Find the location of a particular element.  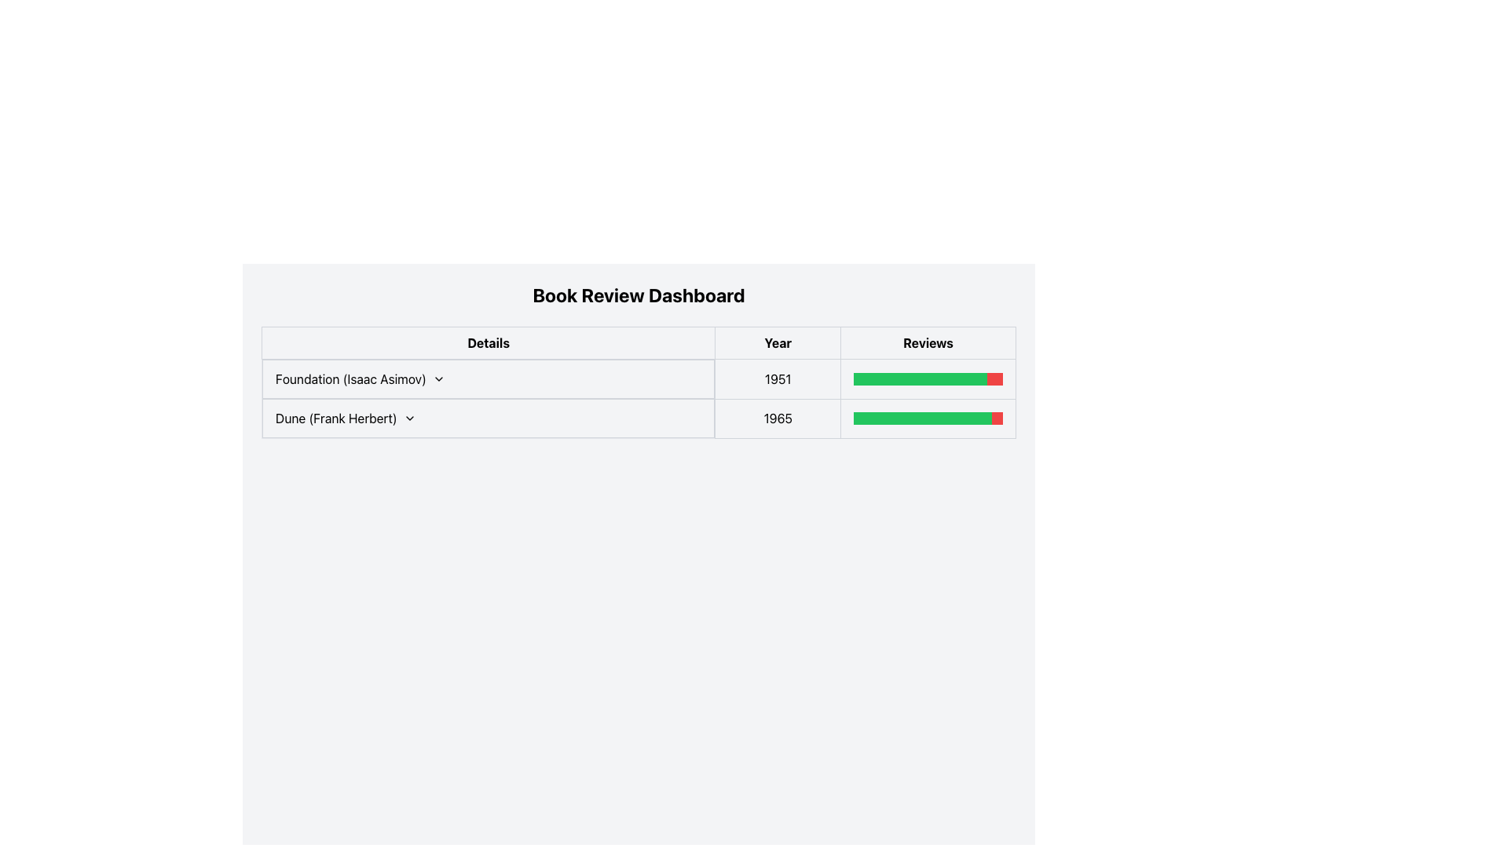

the progress bar segment in the 'Reviews' column, located in the second row of the table, which indicates a high percentage of positive reviews (93%) is located at coordinates (923, 418).